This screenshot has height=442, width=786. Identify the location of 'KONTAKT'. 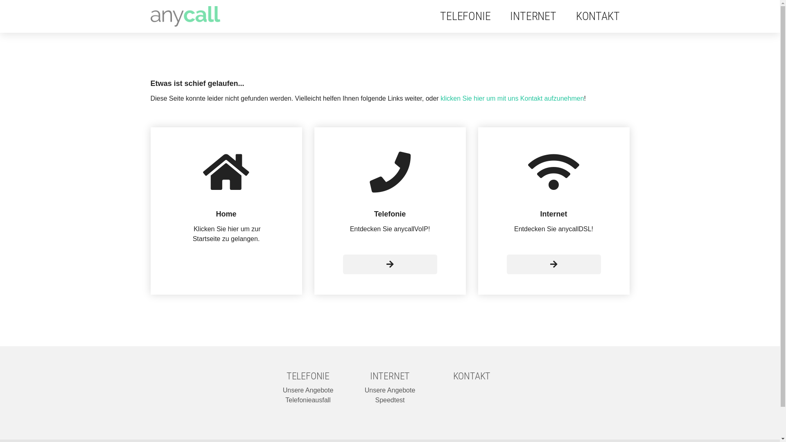
(598, 16).